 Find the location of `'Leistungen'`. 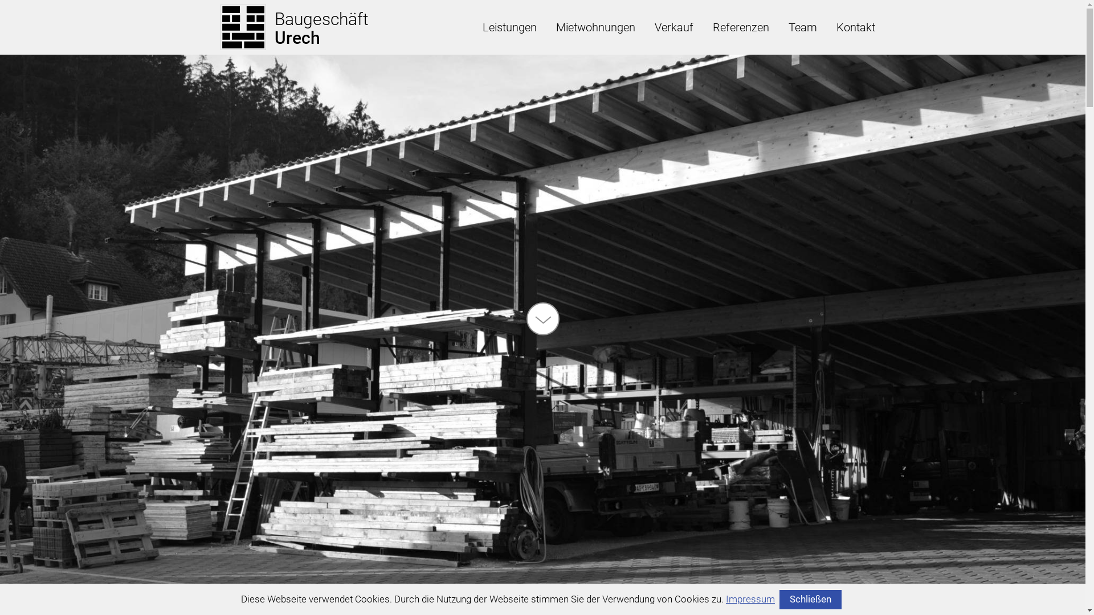

'Leistungen' is located at coordinates (473, 26).